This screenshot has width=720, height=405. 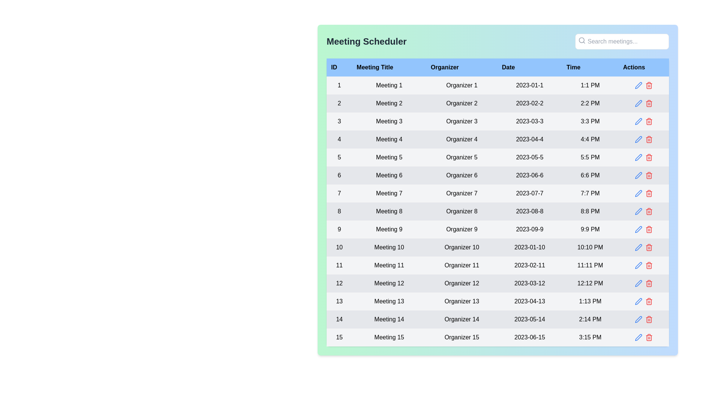 I want to click on the pencil icon located in the Actions column of the eighth row corresponding to Meeting 8, so click(x=643, y=211).